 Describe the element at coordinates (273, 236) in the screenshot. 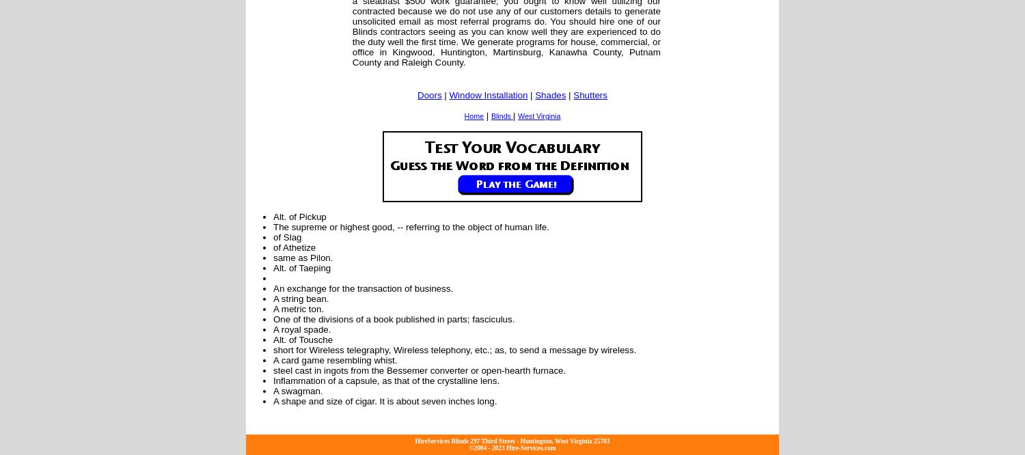

I see `'of Slag'` at that location.